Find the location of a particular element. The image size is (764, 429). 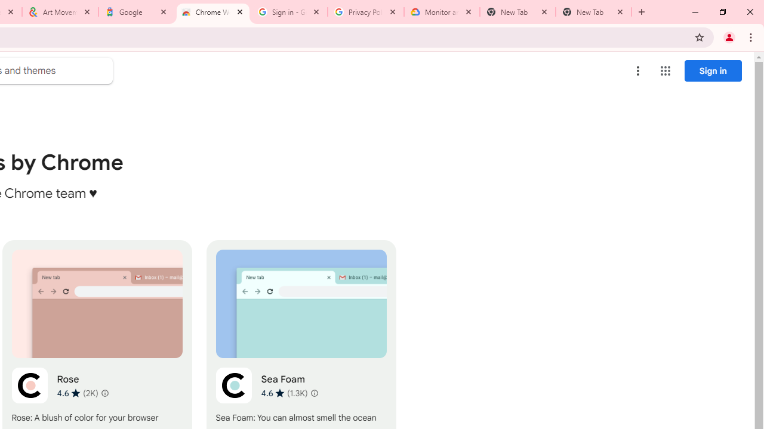

'Learn more about results and reviews "Rose"' is located at coordinates (105, 393).